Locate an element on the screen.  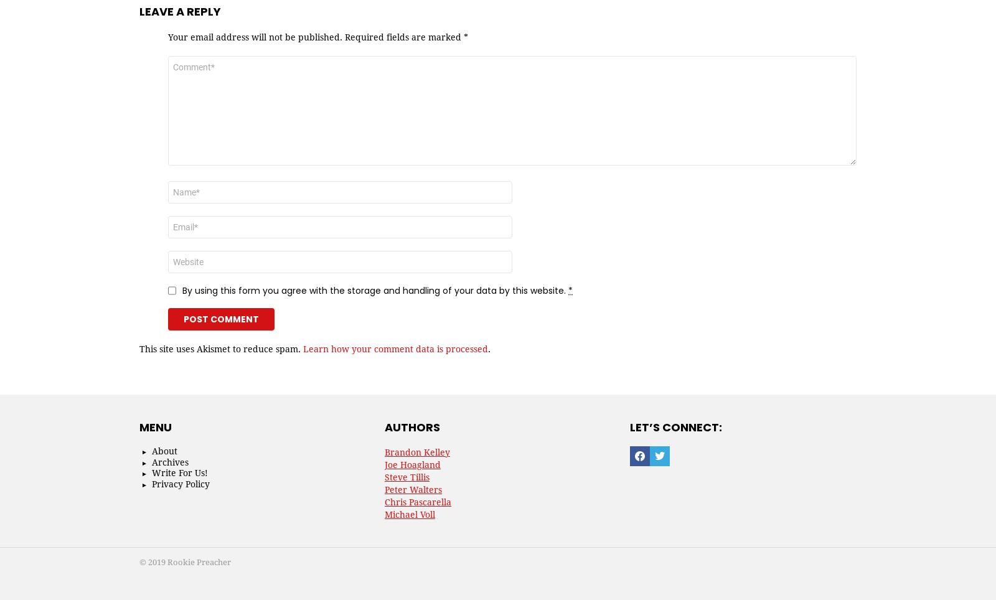
'Peter Walters' is located at coordinates (413, 490).